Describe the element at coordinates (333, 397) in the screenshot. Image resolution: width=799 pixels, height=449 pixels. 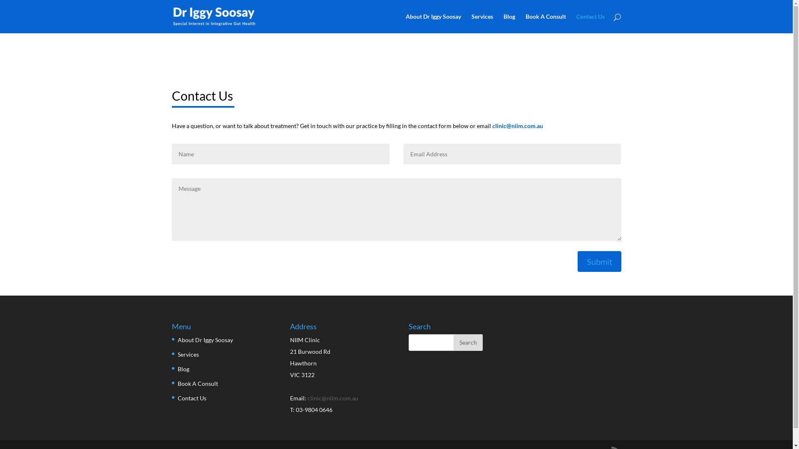
I see `'clinic@niim.com.au'` at that location.